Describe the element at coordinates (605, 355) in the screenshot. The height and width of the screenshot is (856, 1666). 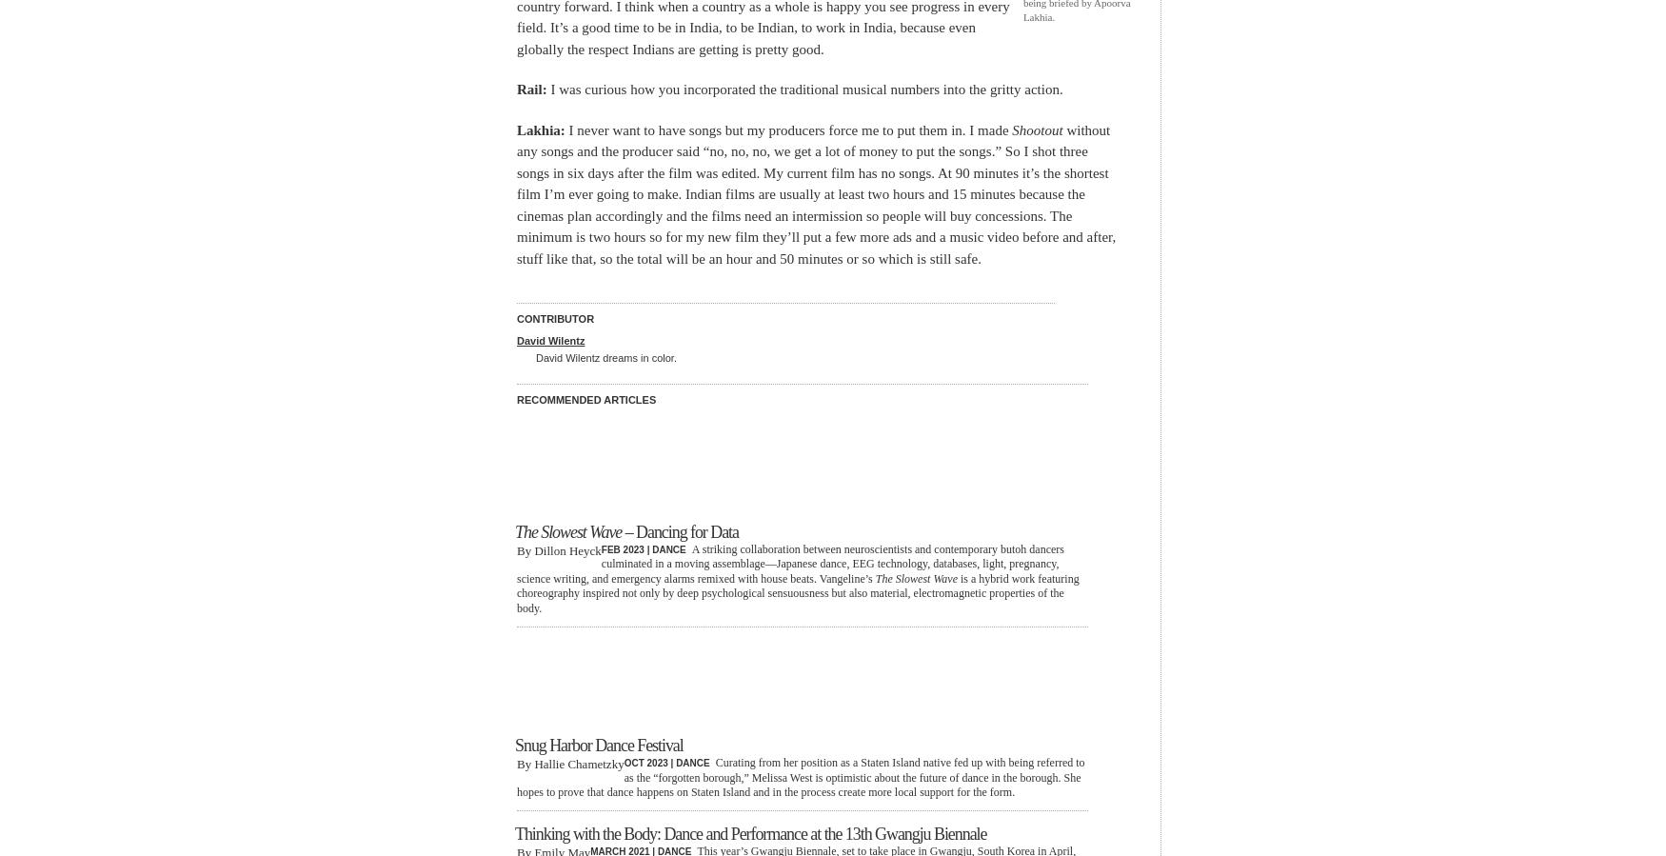
I see `'David Wilentz dreams in color.'` at that location.